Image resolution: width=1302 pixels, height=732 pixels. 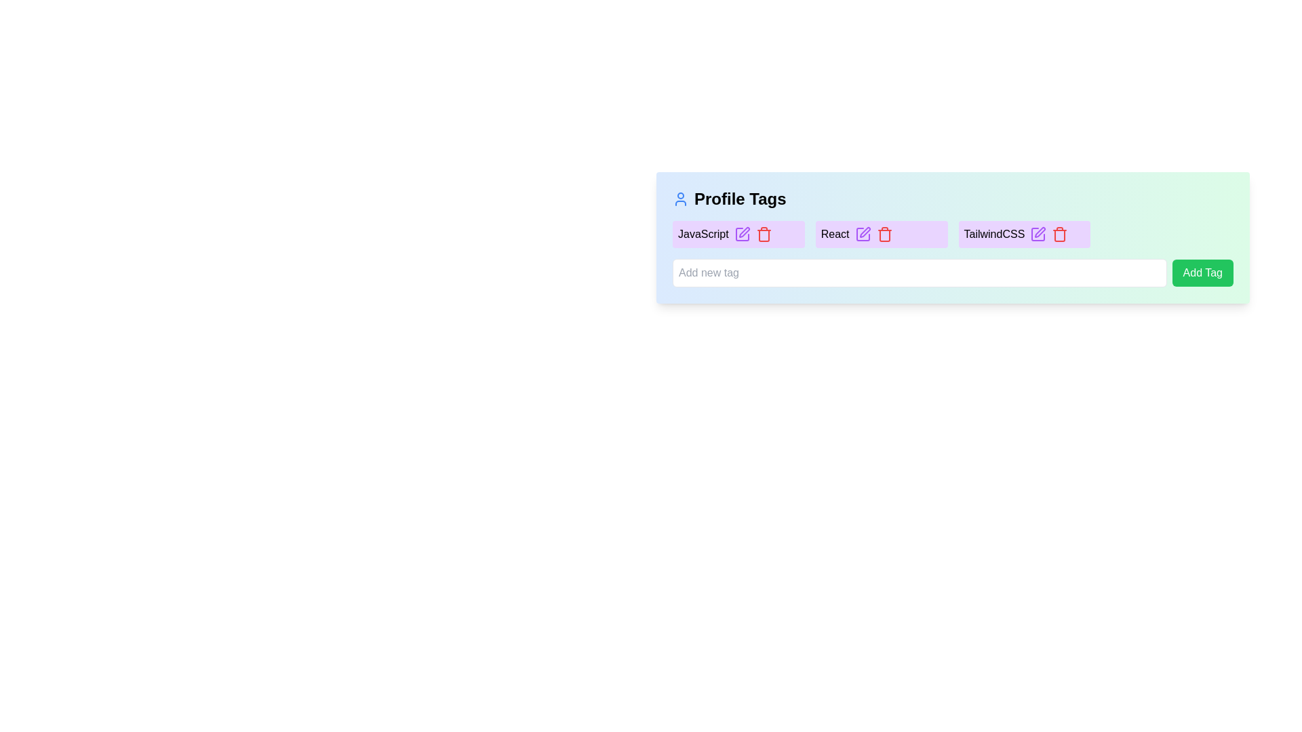 What do you see at coordinates (741, 234) in the screenshot?
I see `the purple square icon representing editing actions located to the right of the 'JavaScript' tag` at bounding box center [741, 234].